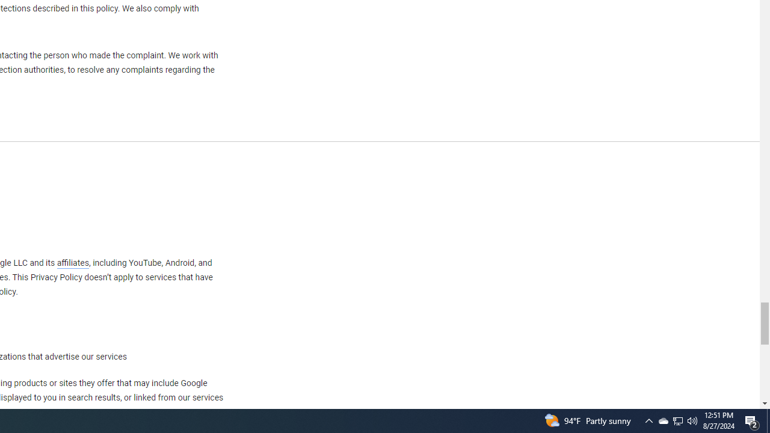 The height and width of the screenshot is (433, 770). What do you see at coordinates (72, 262) in the screenshot?
I see `'affiliates'` at bounding box center [72, 262].